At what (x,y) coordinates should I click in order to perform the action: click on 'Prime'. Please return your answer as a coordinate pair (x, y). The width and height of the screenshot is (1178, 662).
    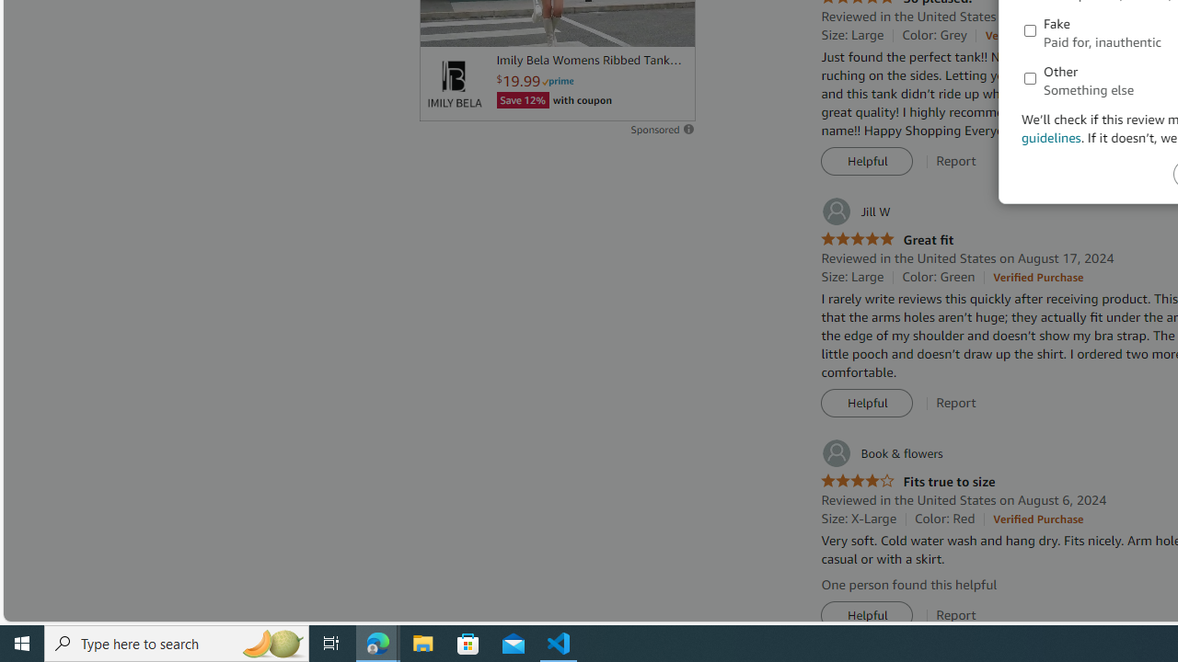
    Looking at the image, I should click on (557, 80).